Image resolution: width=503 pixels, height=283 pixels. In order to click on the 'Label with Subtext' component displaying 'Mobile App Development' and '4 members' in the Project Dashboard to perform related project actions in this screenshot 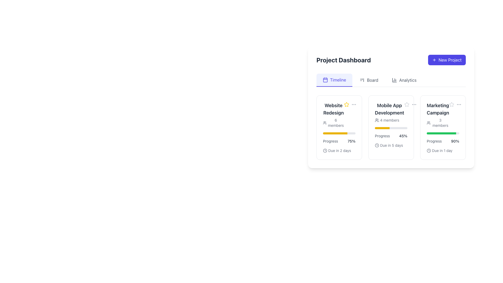, I will do `click(389, 112)`.